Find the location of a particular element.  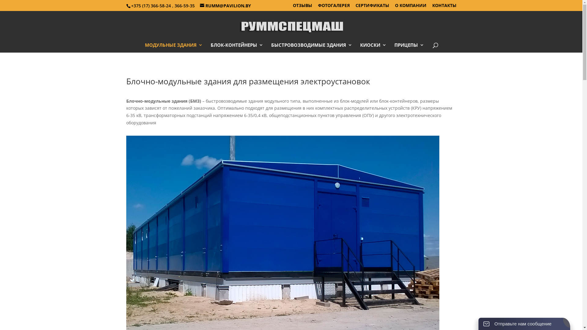

'RUMM@PAVILION.BY' is located at coordinates (225, 5).